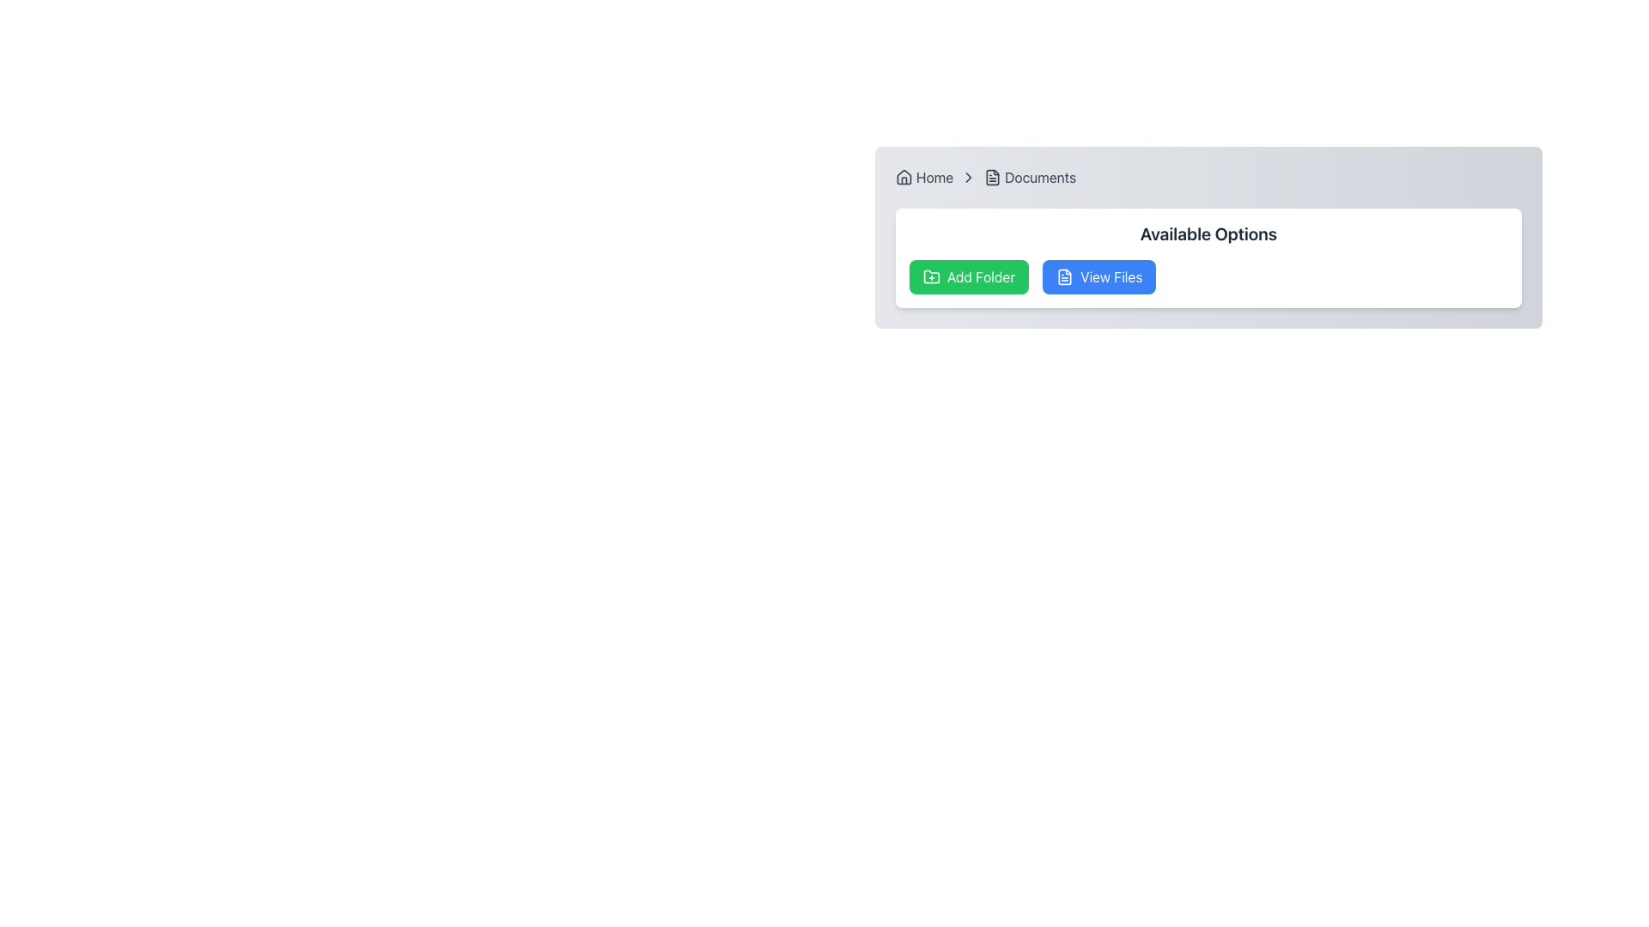 This screenshot has height=927, width=1649. I want to click on the 'Add Folder' button which contains the decorative icon for adding a new folder, located to the left of the 'View Files' button in the 'Available Options' section, so click(930, 276).